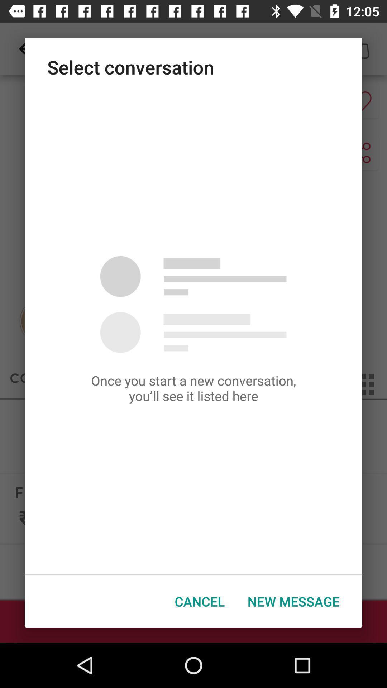 The width and height of the screenshot is (387, 688). I want to click on new message, so click(293, 601).